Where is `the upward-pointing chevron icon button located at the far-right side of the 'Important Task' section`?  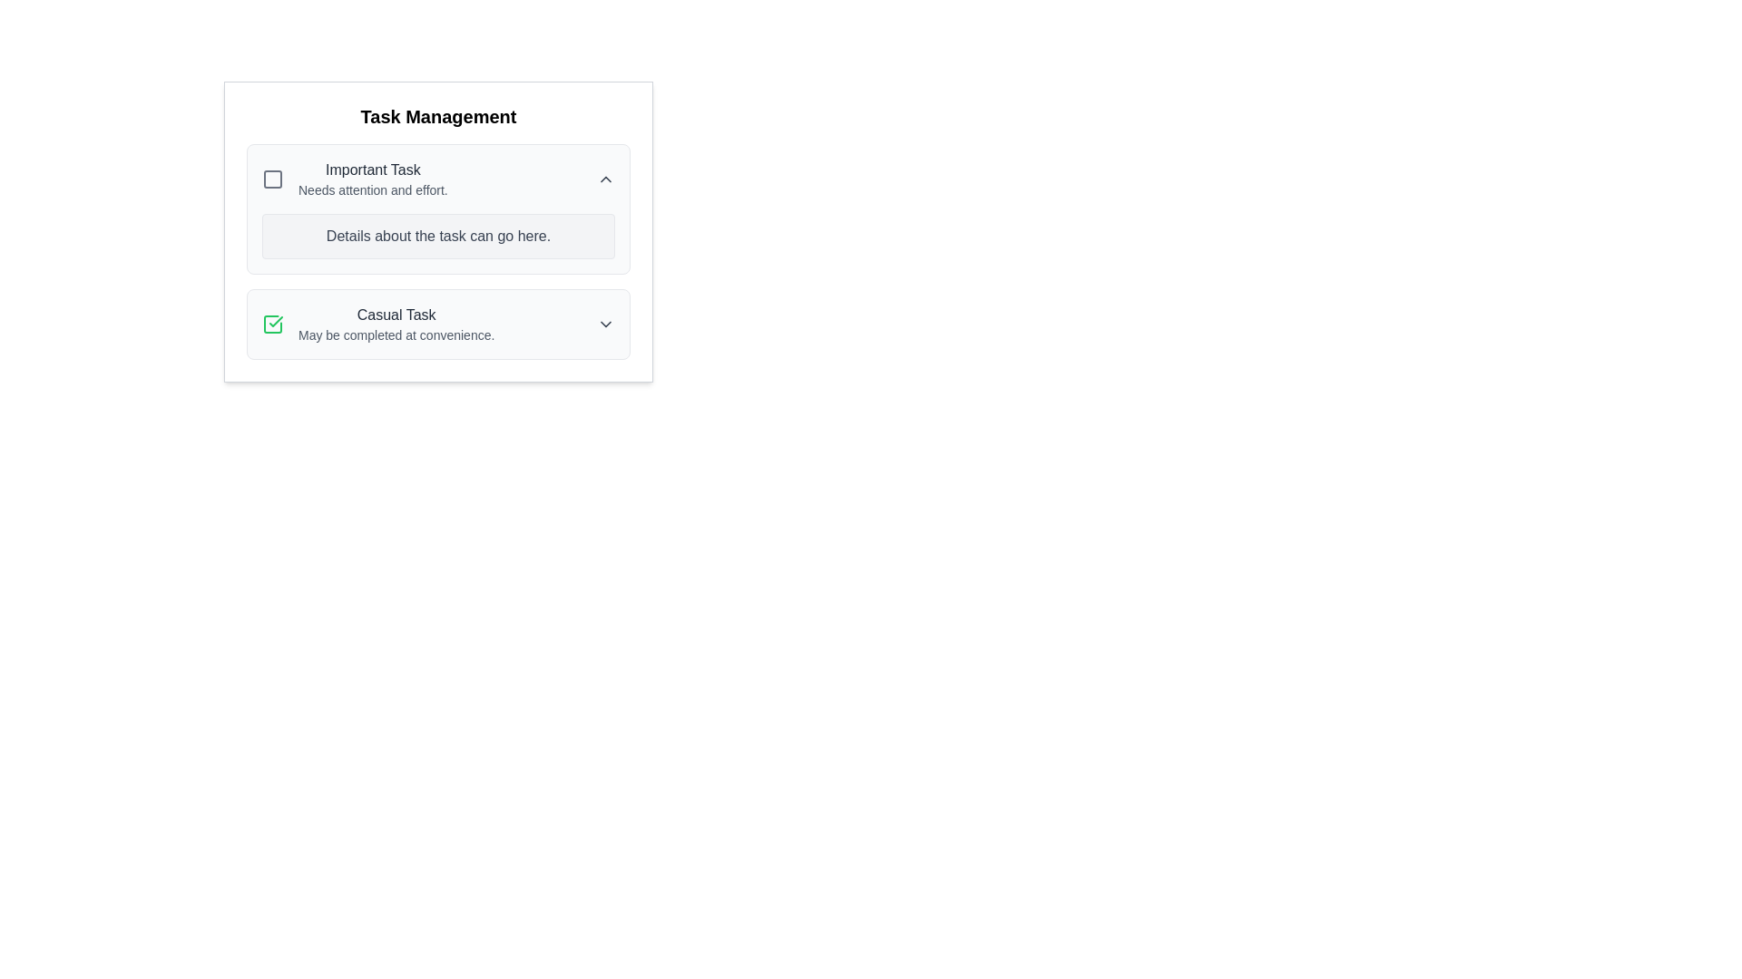
the upward-pointing chevron icon button located at the far-right side of the 'Important Task' section is located at coordinates (605, 179).